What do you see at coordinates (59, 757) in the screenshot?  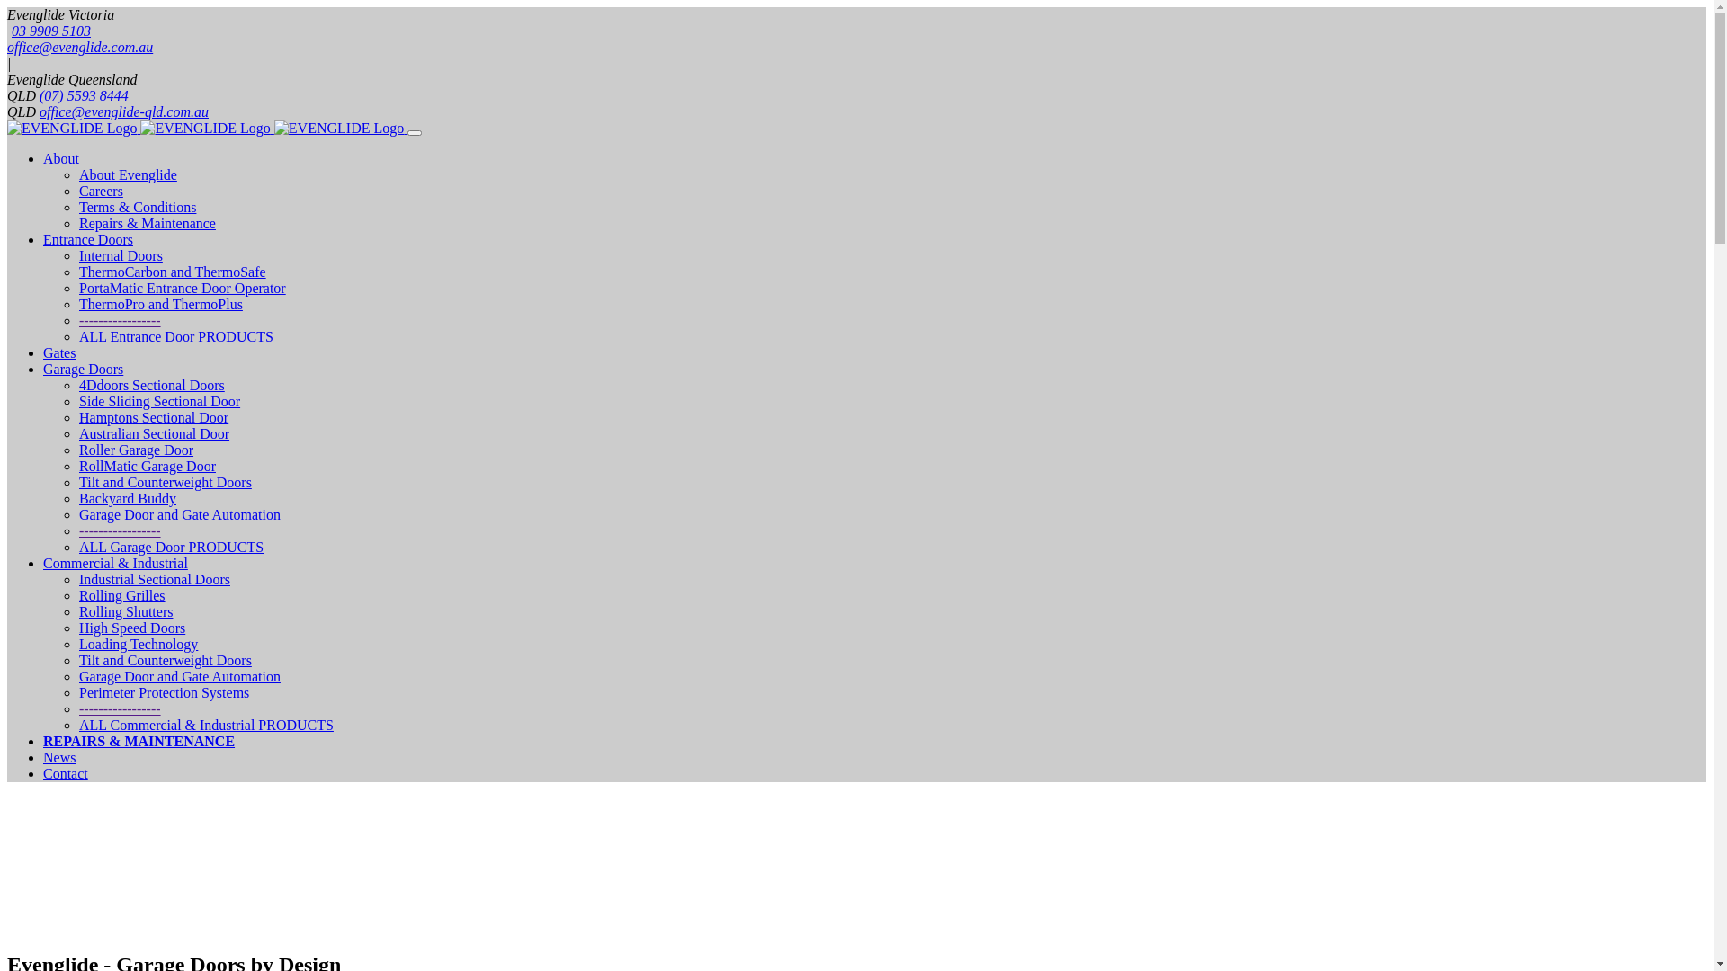 I see `'News'` at bounding box center [59, 757].